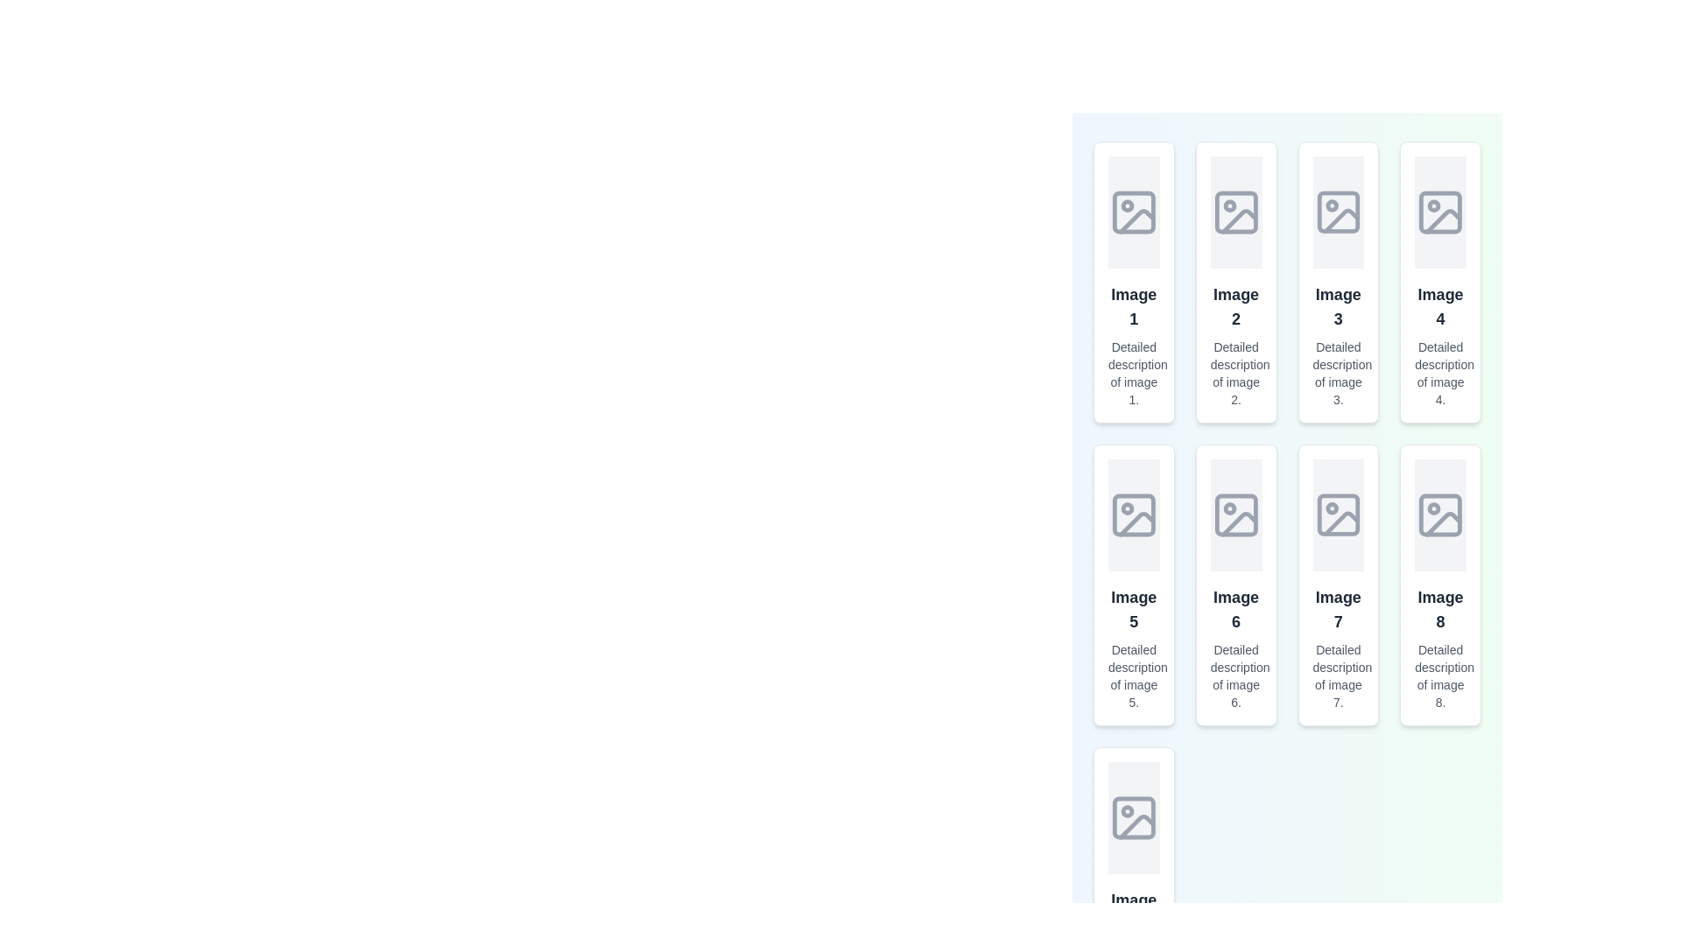  I want to click on on the sixth card in the gallery layout, so click(1234, 584).